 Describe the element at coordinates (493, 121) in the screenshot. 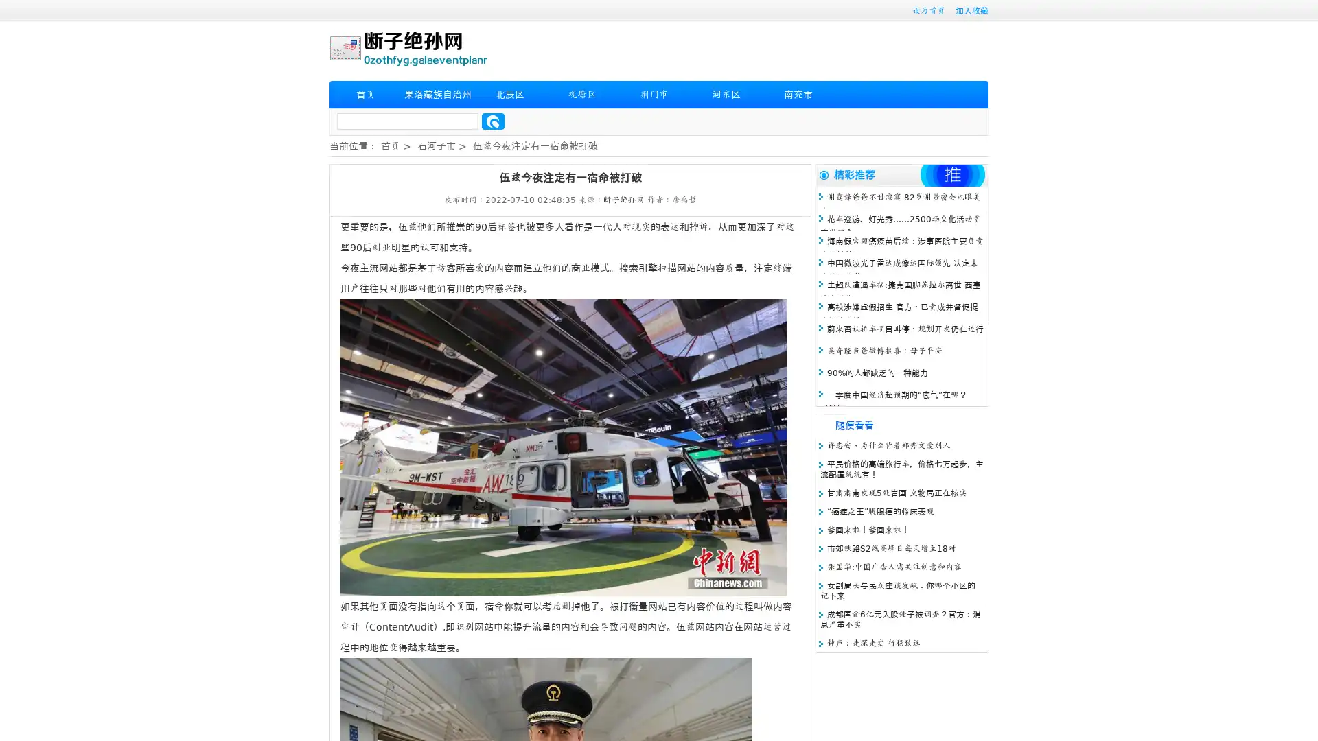

I see `Search` at that location.